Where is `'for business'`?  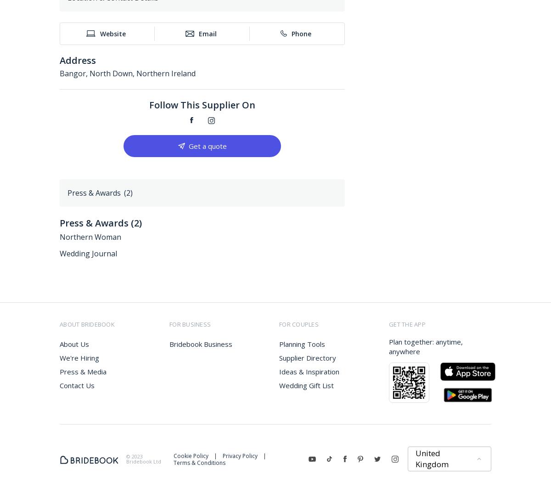
'for business' is located at coordinates (190, 324).